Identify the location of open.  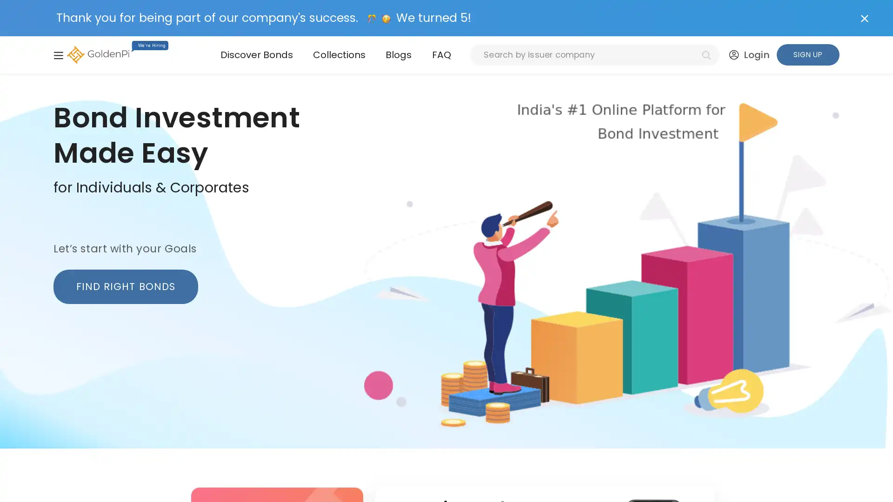
(58, 55).